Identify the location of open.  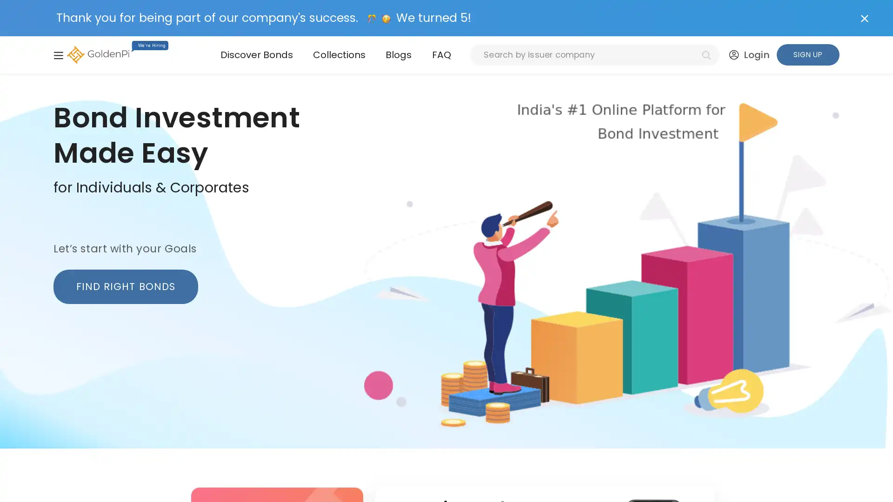
(58, 55).